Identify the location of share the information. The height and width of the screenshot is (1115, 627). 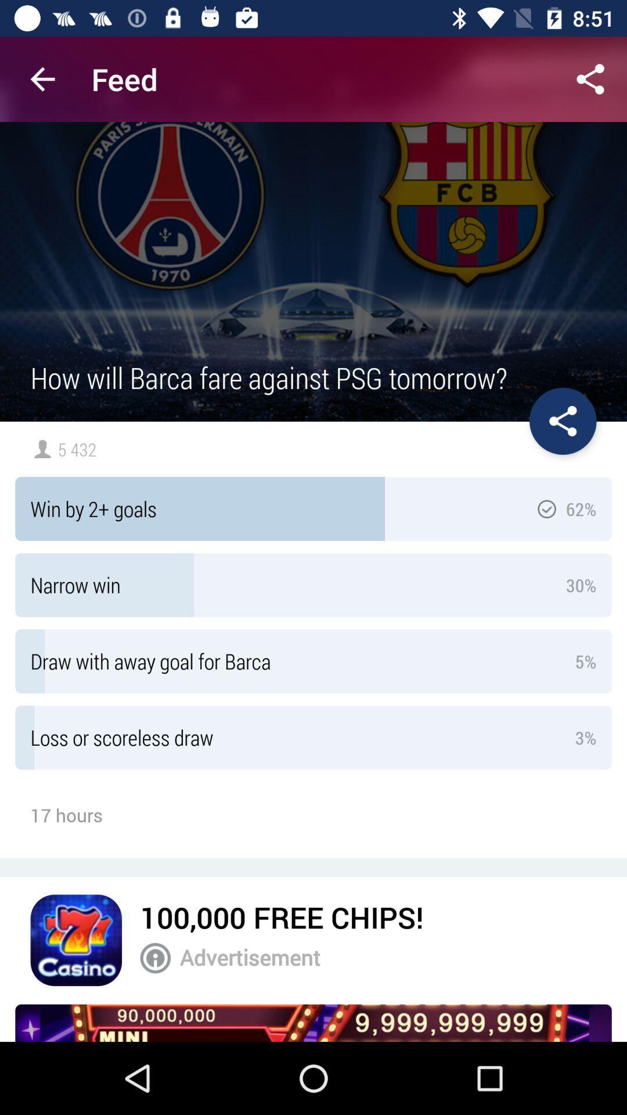
(562, 420).